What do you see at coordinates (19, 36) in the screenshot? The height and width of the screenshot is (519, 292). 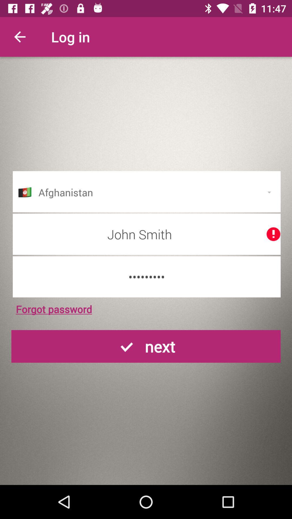 I see `the item next to the log in item` at bounding box center [19, 36].